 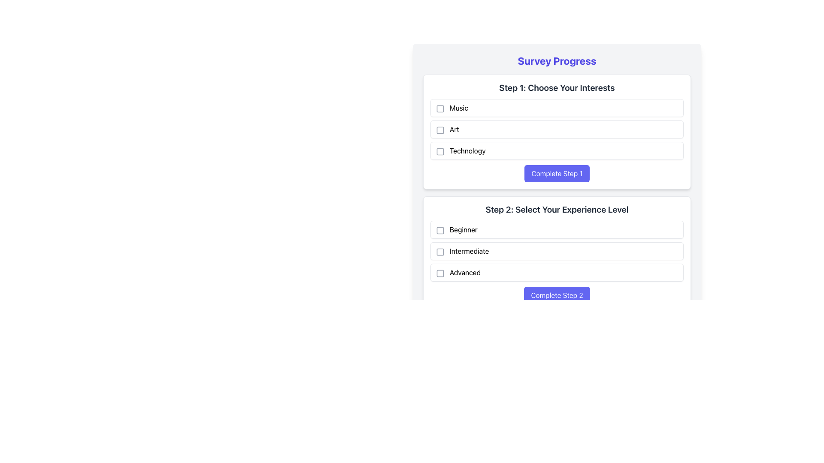 What do you see at coordinates (557, 87) in the screenshot?
I see `the text label at the top of the 'Step 1' section, which indicates the actions to be taken in this step of the process` at bounding box center [557, 87].